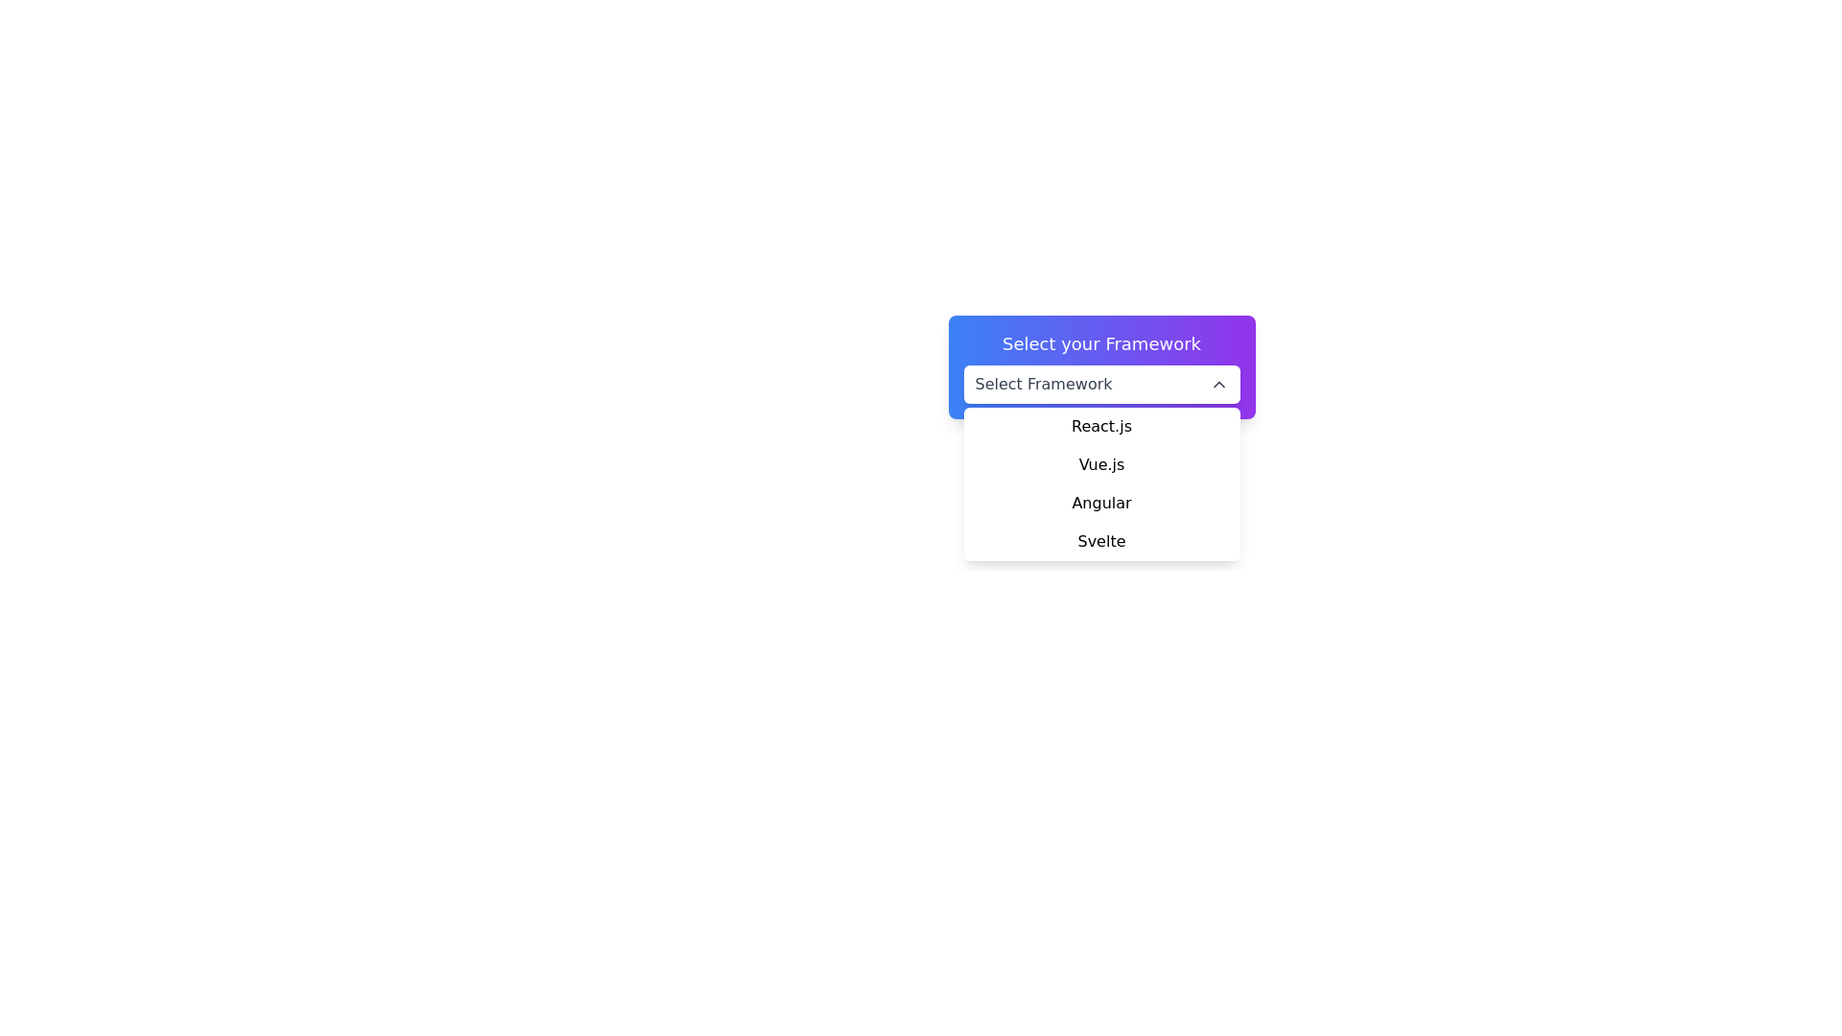  Describe the element at coordinates (1101, 541) in the screenshot. I see `the fourth option in the 'Select your Framework' dropdown menu, which selects 'Svelte' as the chosen framework for potential visual feedback` at that location.